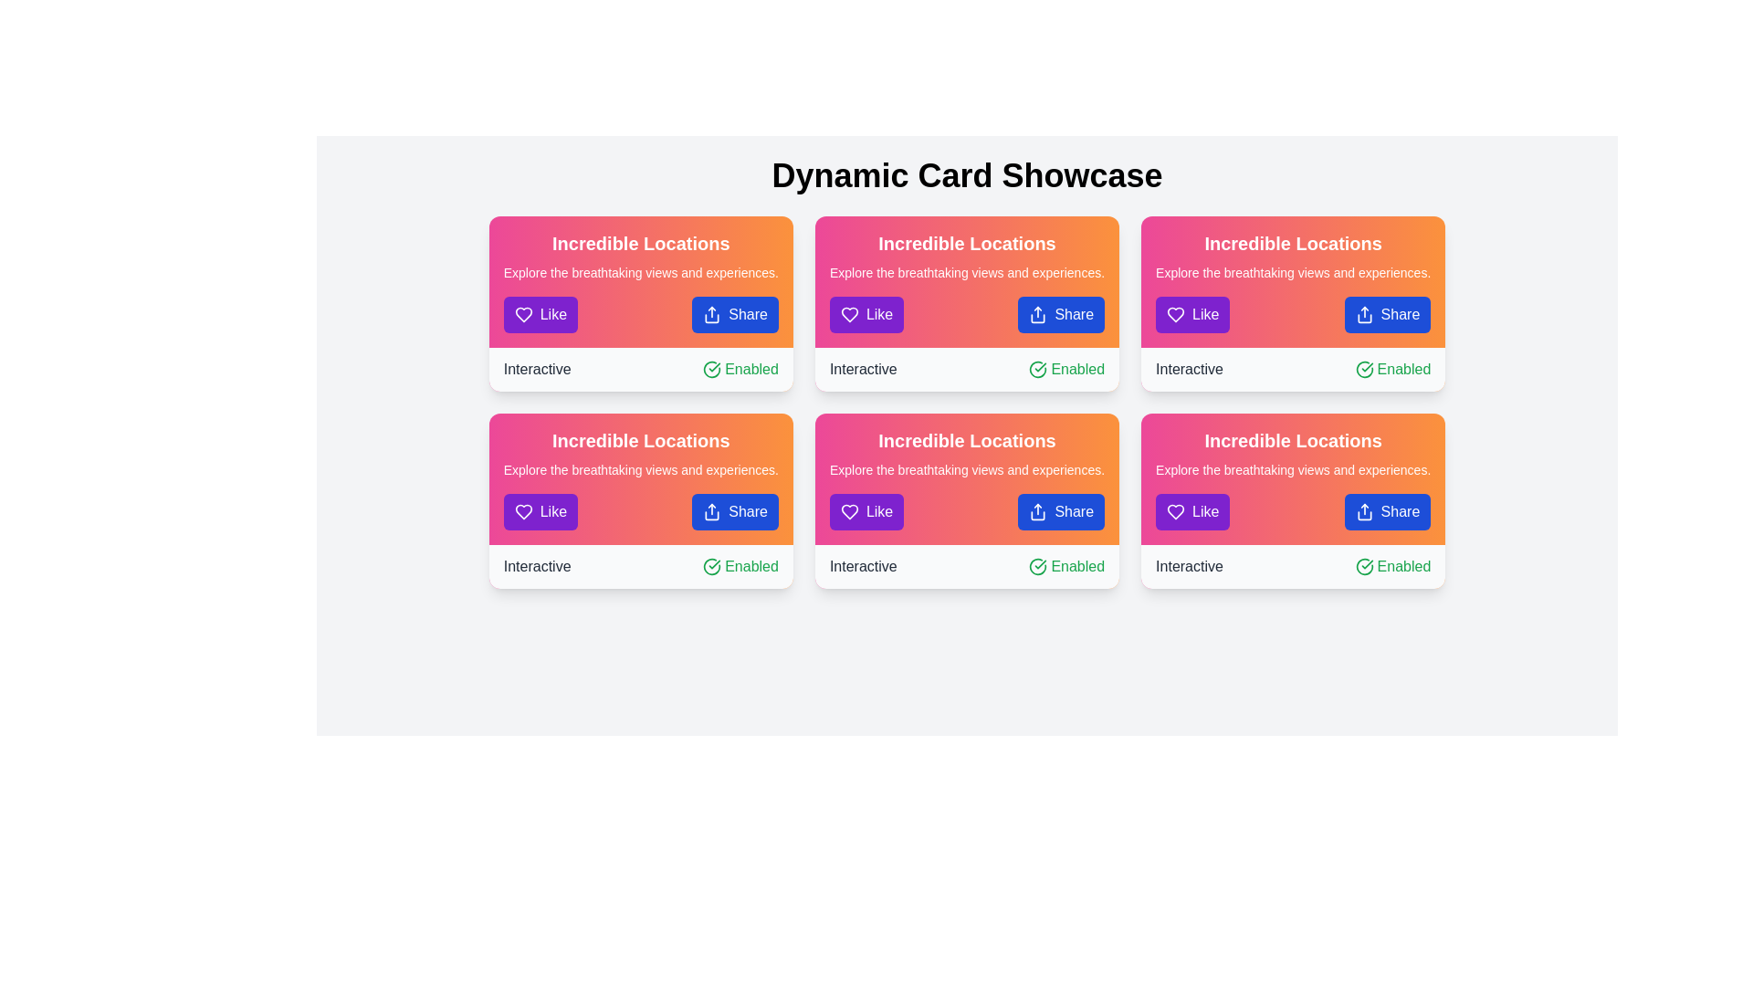  What do you see at coordinates (1192, 511) in the screenshot?
I see `the 'Like' button, which is a rounded rectangle with a purple background and white text, to change its shade` at bounding box center [1192, 511].